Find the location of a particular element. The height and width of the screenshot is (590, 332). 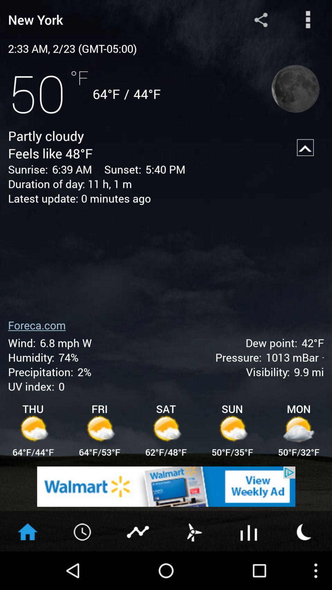

sharing files is located at coordinates (261, 19).